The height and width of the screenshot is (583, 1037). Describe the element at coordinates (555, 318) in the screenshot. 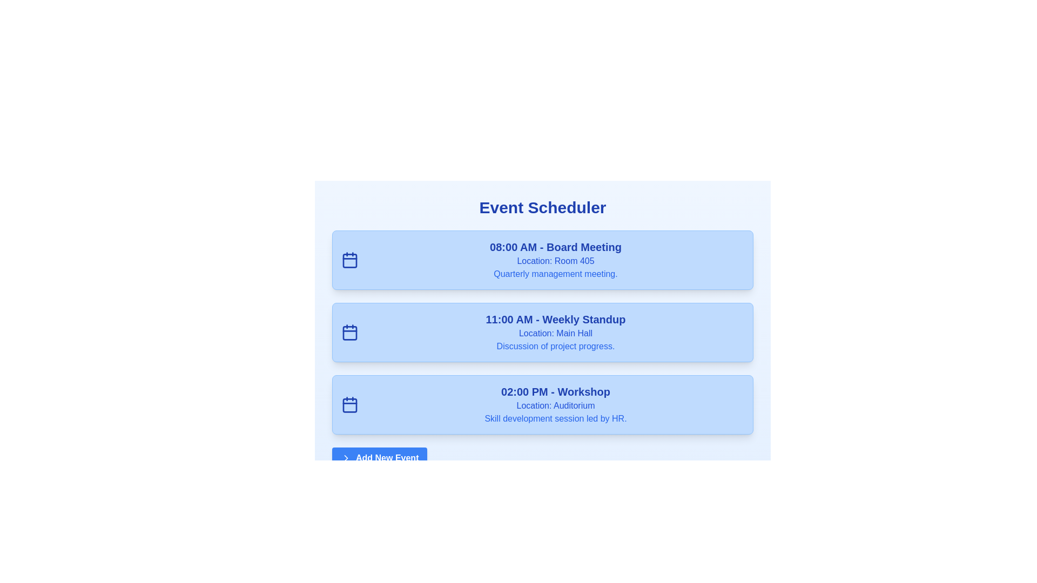

I see `the text label that indicates the starting time and title of the scheduled event, positioned above 'Location: Main Hall'` at that location.